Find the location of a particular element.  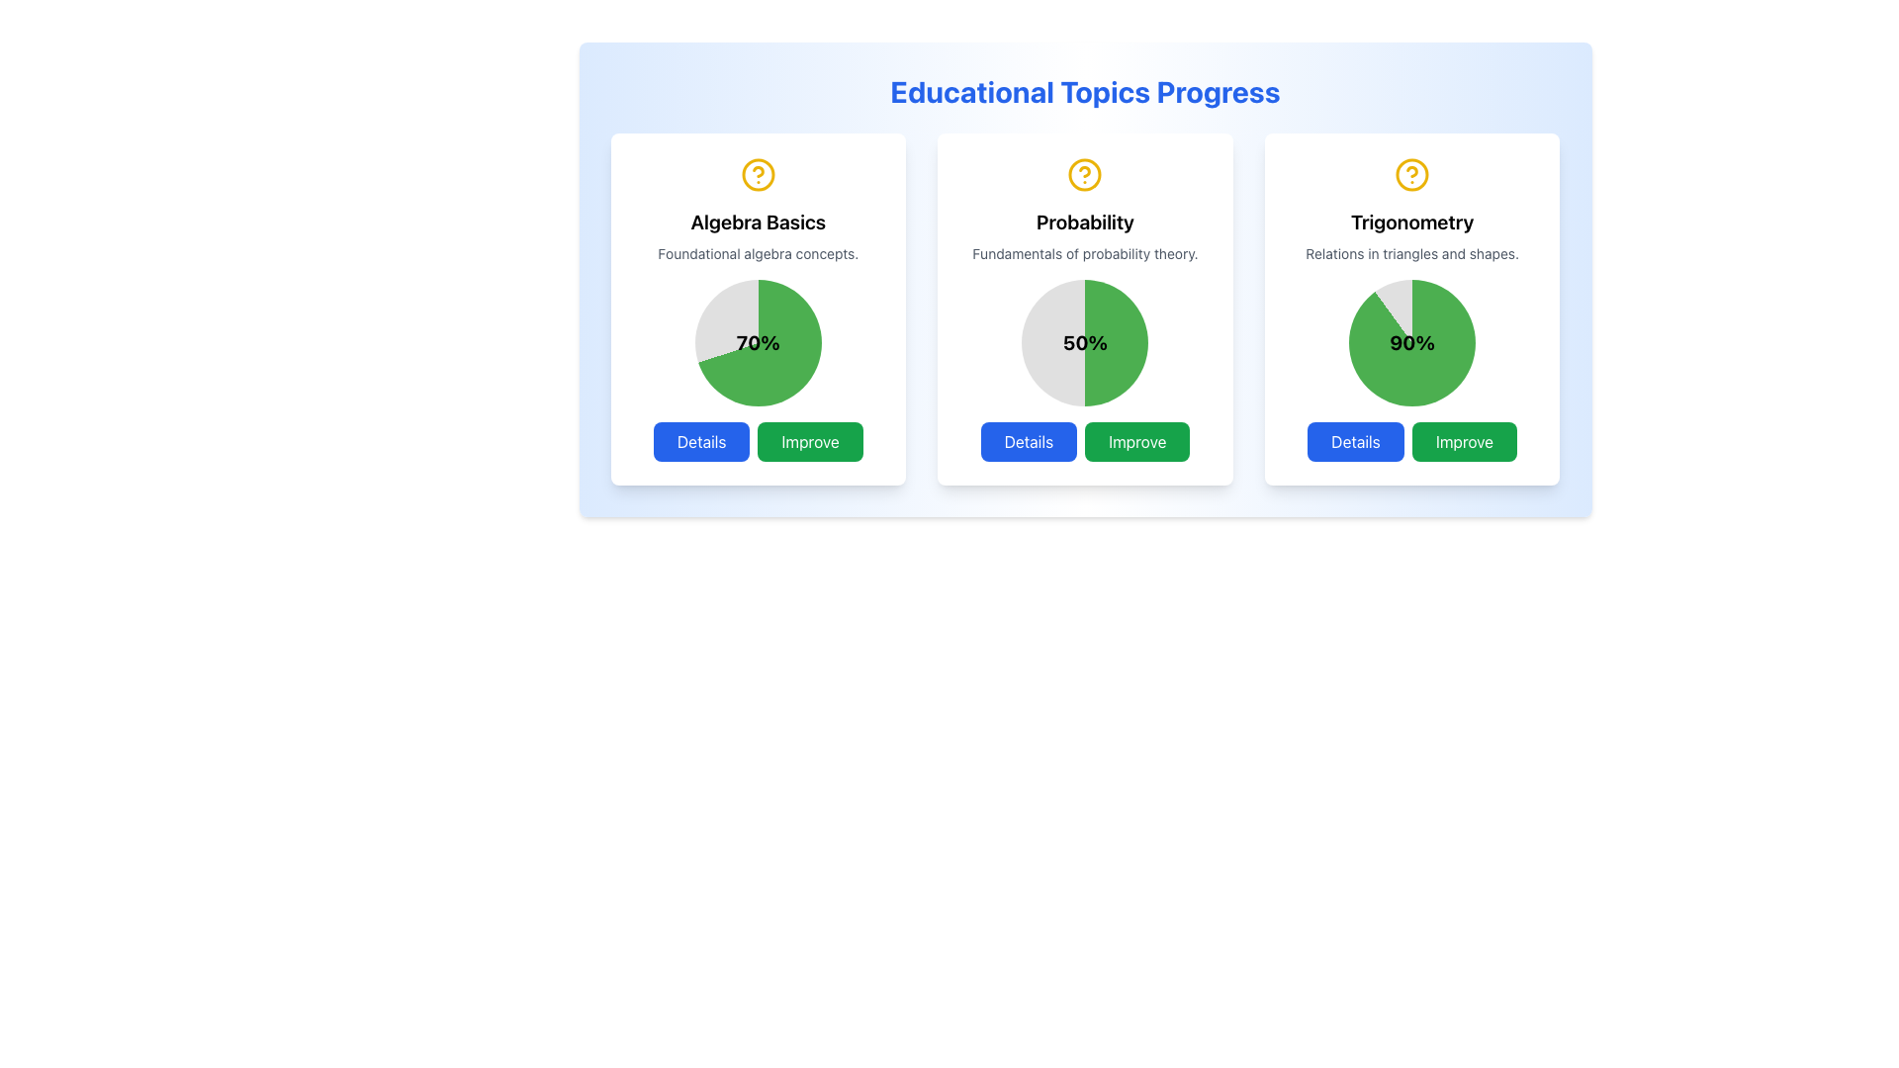

the informational icon located at the top-center of the 'Trigonometry' card is located at coordinates (1411, 174).